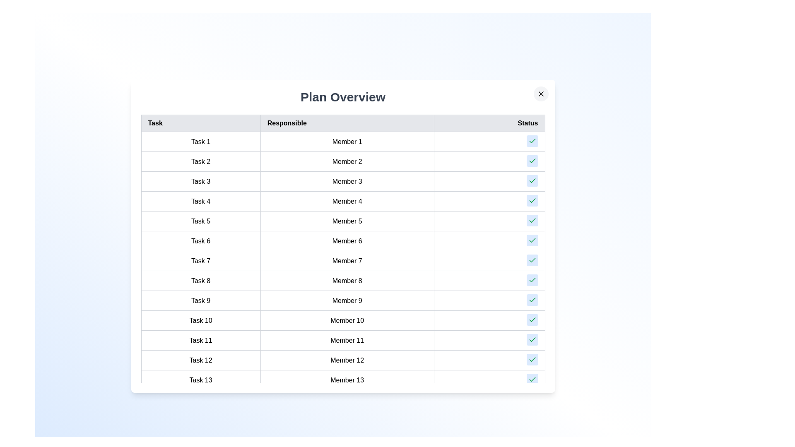 This screenshot has width=795, height=447. Describe the element at coordinates (532, 340) in the screenshot. I see `the 'Check' button for task 11 to mark it as completed` at that location.